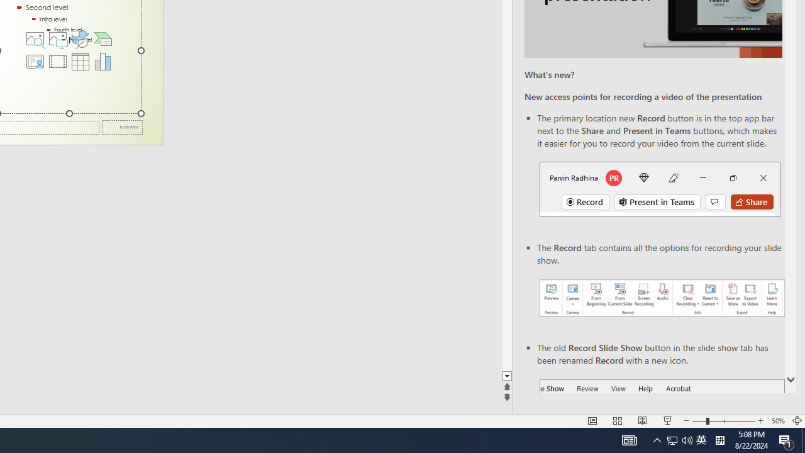 Image resolution: width=805 pixels, height=453 pixels. What do you see at coordinates (661, 298) in the screenshot?
I see `'Record your presentations screenshot one'` at bounding box center [661, 298].